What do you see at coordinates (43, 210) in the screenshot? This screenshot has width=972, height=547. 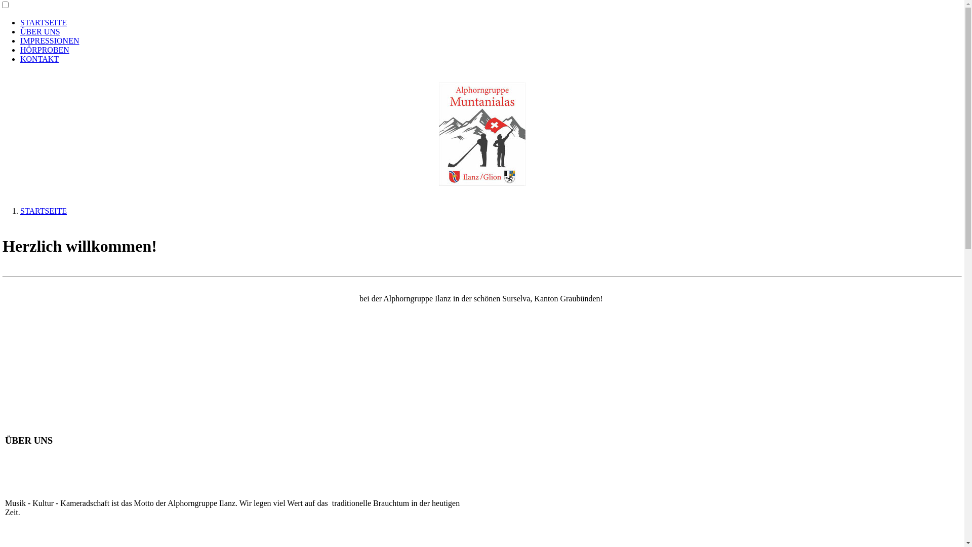 I see `'STARTSEITE'` at bounding box center [43, 210].